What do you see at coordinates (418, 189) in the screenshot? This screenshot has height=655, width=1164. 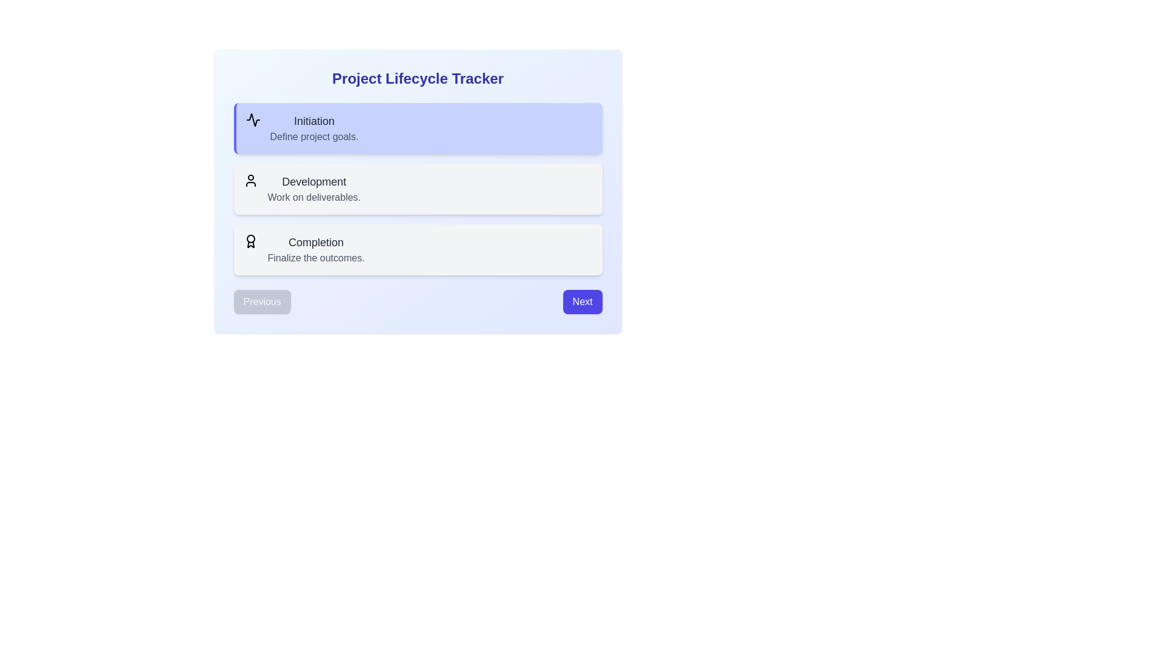 I see `the 'Development' phase informational card in the Project Lifecycle Tracker, which is the second card in a vertical sequence, located below the 'Initiation' card and above the 'Completion' card` at bounding box center [418, 189].